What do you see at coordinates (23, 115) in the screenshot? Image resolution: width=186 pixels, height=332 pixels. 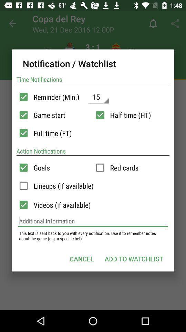 I see `validate option` at bounding box center [23, 115].